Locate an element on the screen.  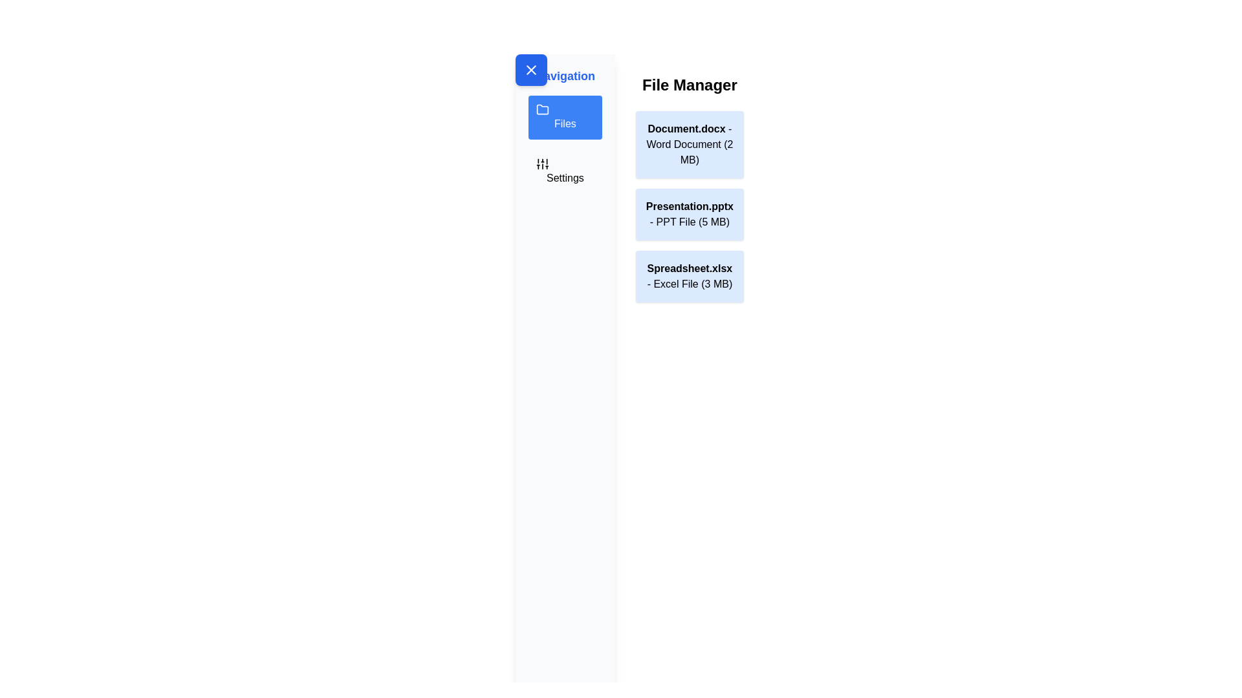
the third informational card in the file manager that represents a file entry, which is located below the 'Presentation.pptx - PPT File (5 MB)' entry is located at coordinates (688, 276).